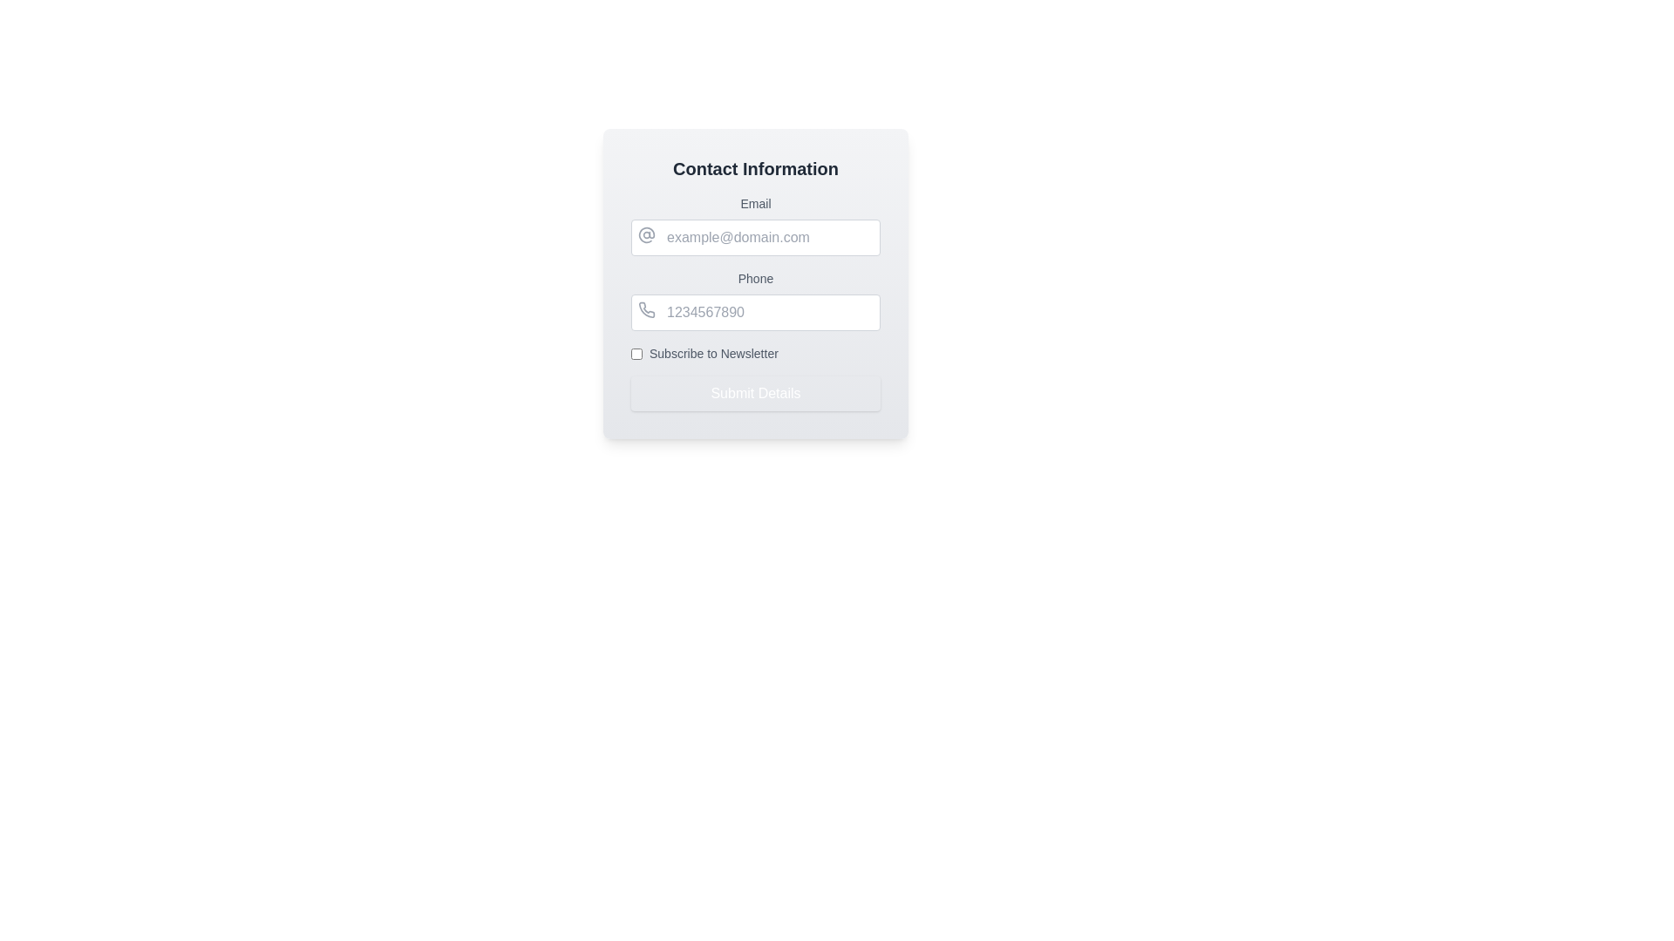  I want to click on the small, circular '@' icon styled in gray located to the left of the email input field, so click(646, 235).